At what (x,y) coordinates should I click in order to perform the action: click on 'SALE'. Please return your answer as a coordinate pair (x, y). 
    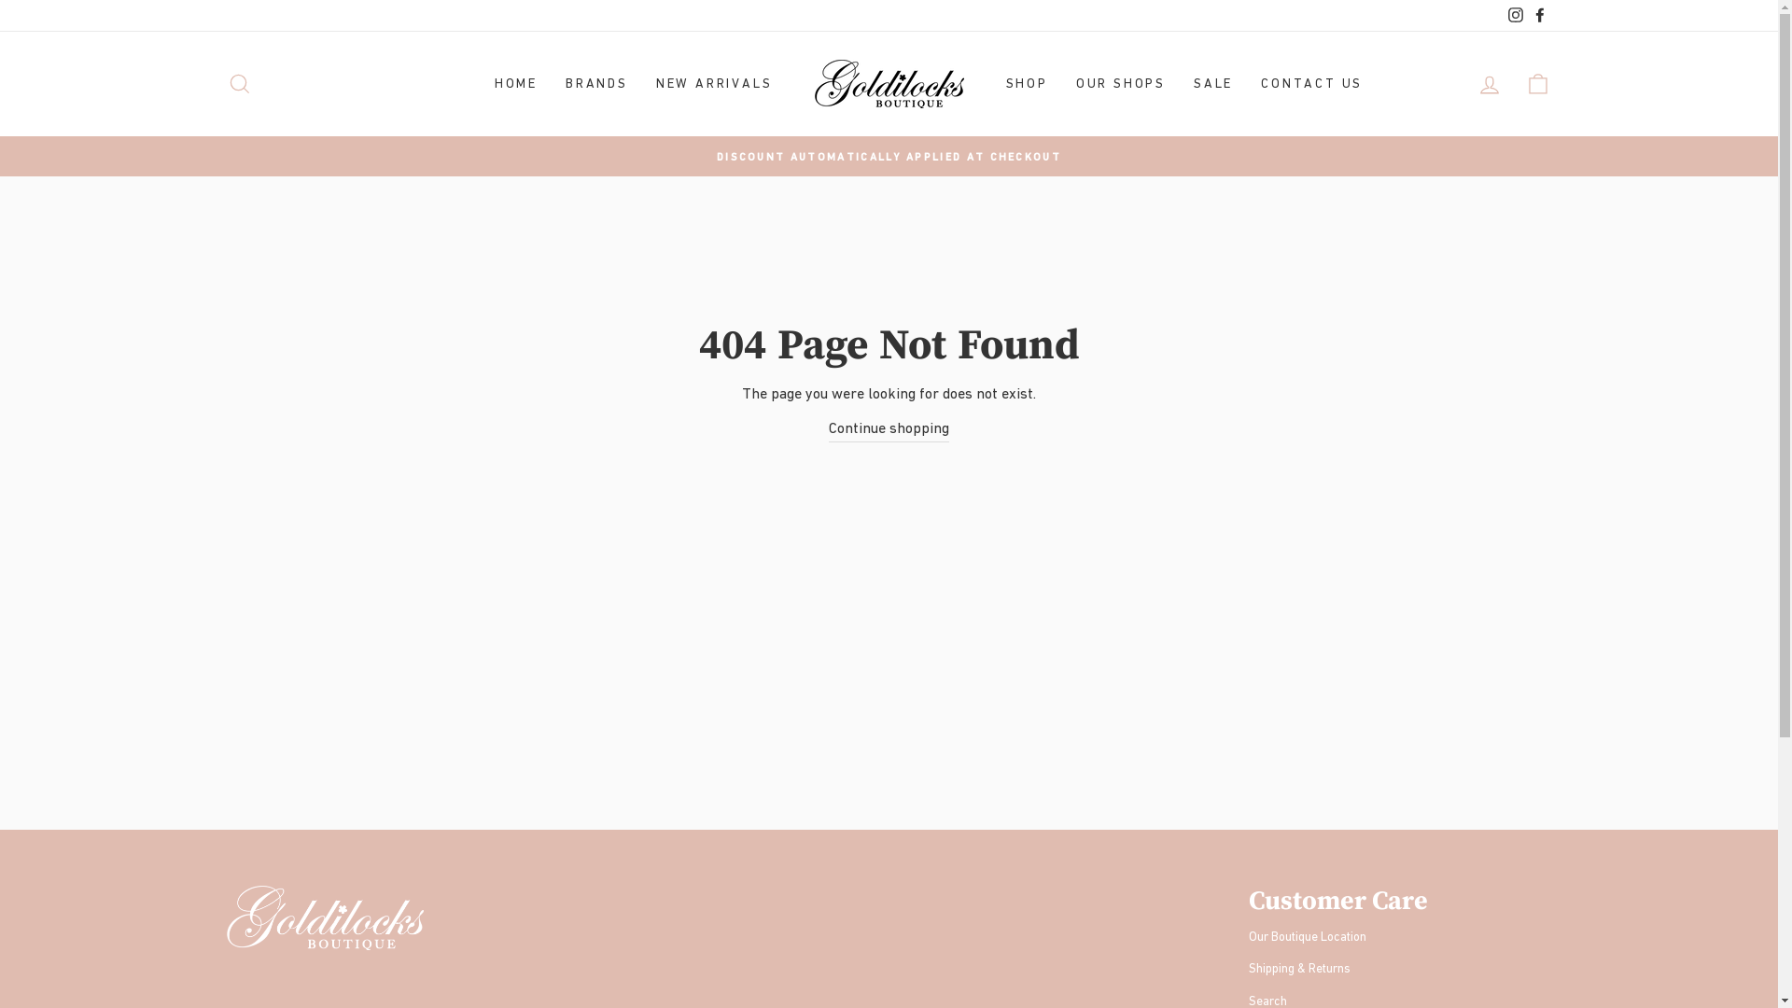
    Looking at the image, I should click on (1213, 84).